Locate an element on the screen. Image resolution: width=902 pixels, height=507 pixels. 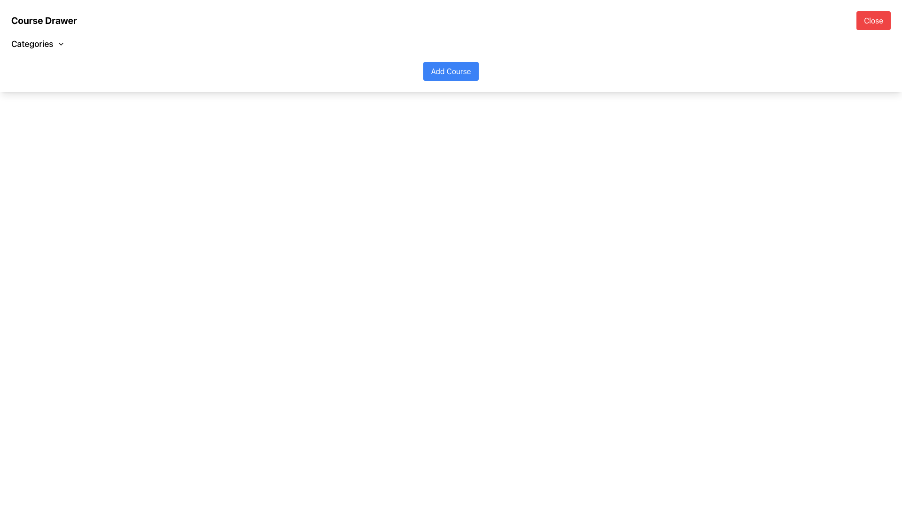
the blue 'Add Course' button with white text, located below the 'Categories' section is located at coordinates (451, 70).